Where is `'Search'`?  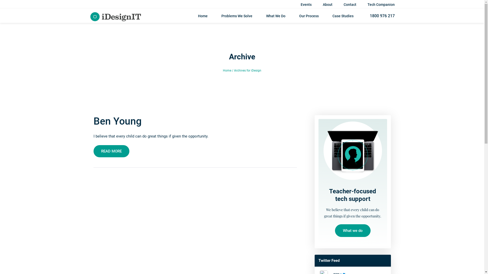 'Search' is located at coordinates (372, 9).